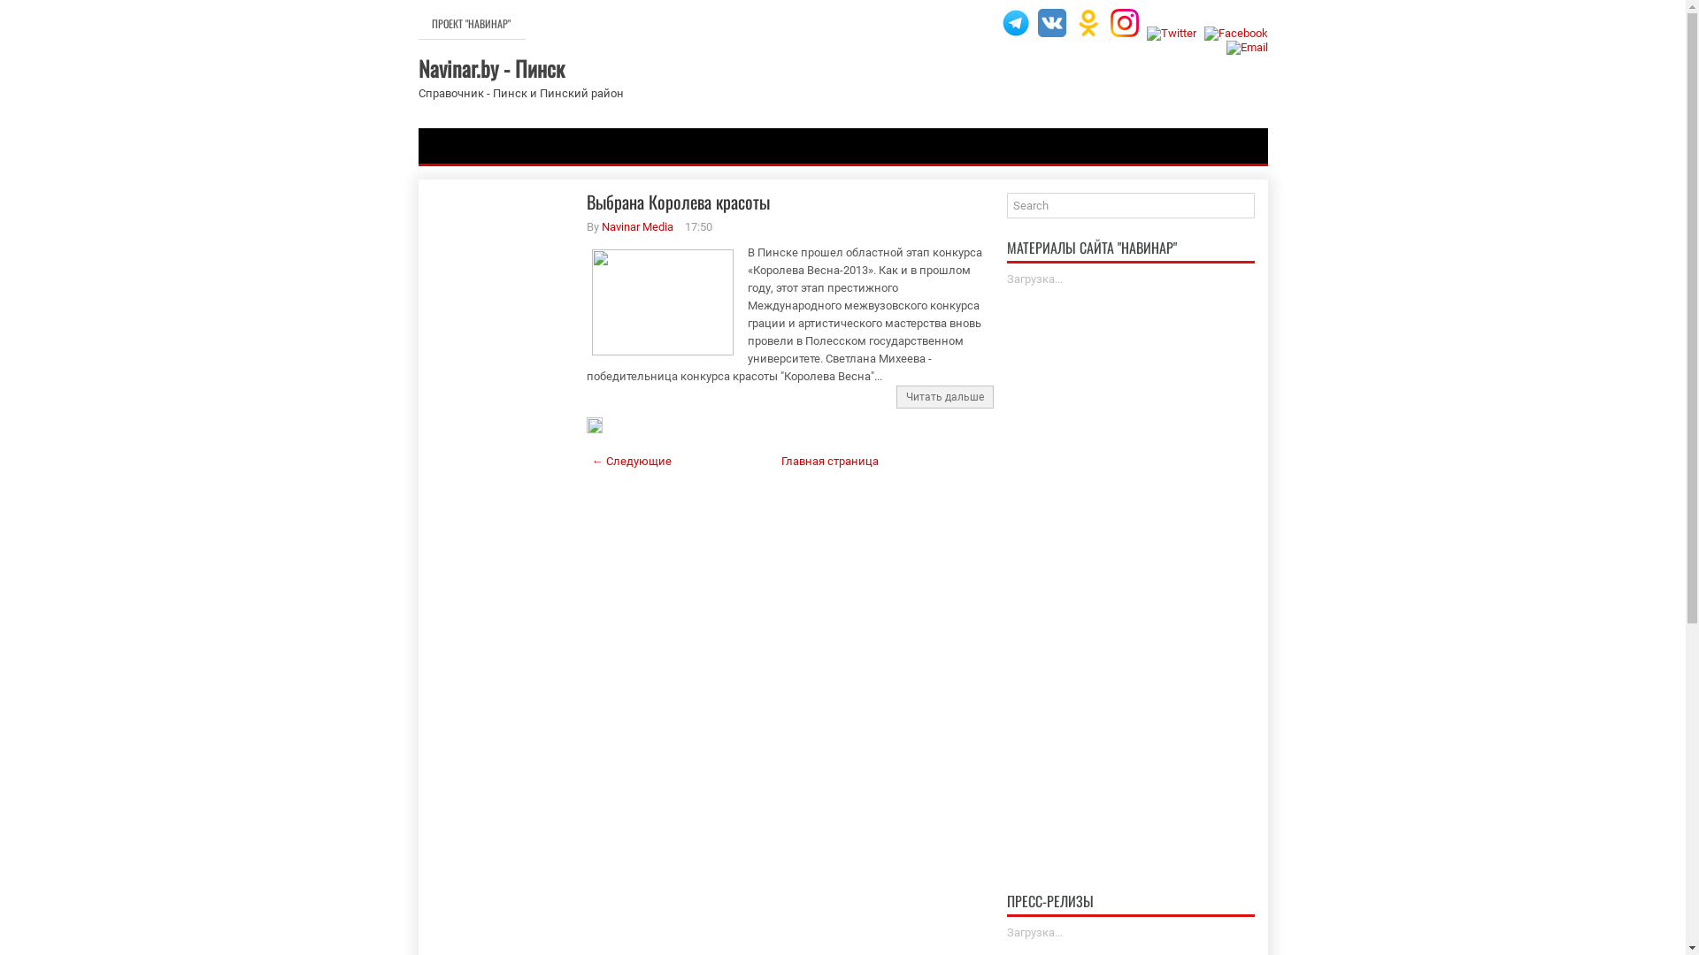  I want to click on 'Telegram', so click(1002, 23).